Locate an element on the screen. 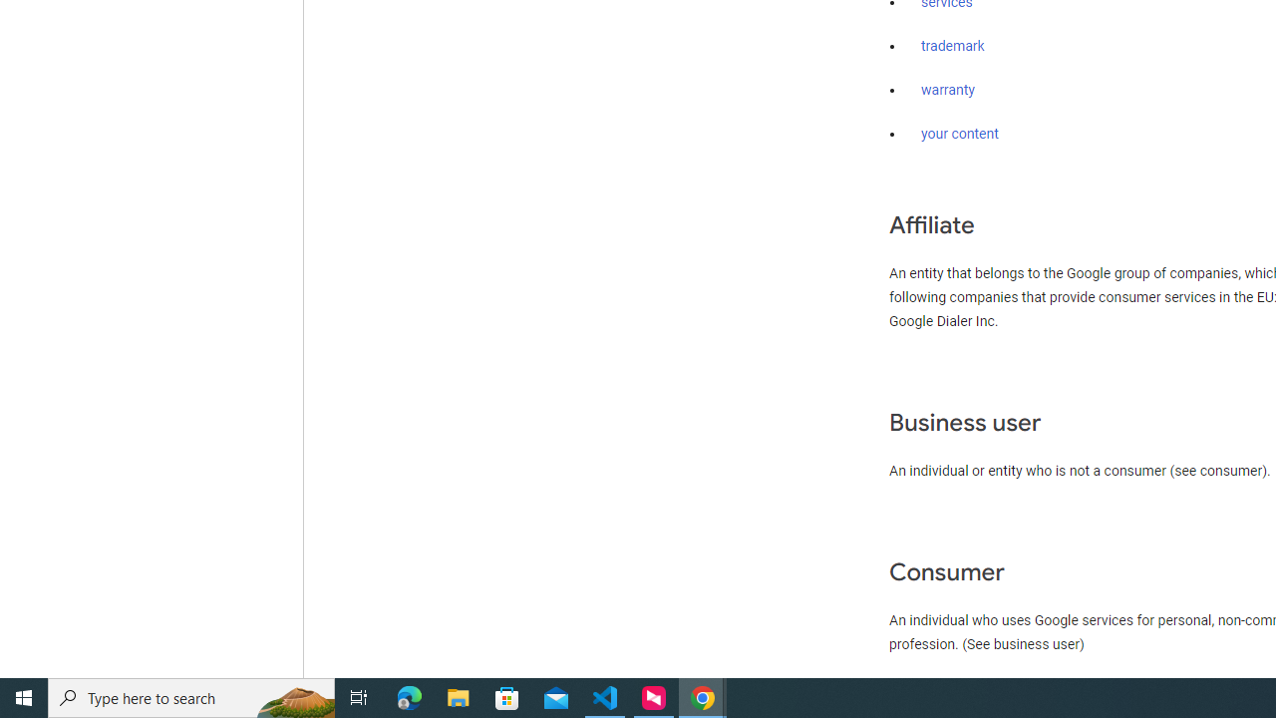 The height and width of the screenshot is (718, 1276). 'warranty' is located at coordinates (947, 91).